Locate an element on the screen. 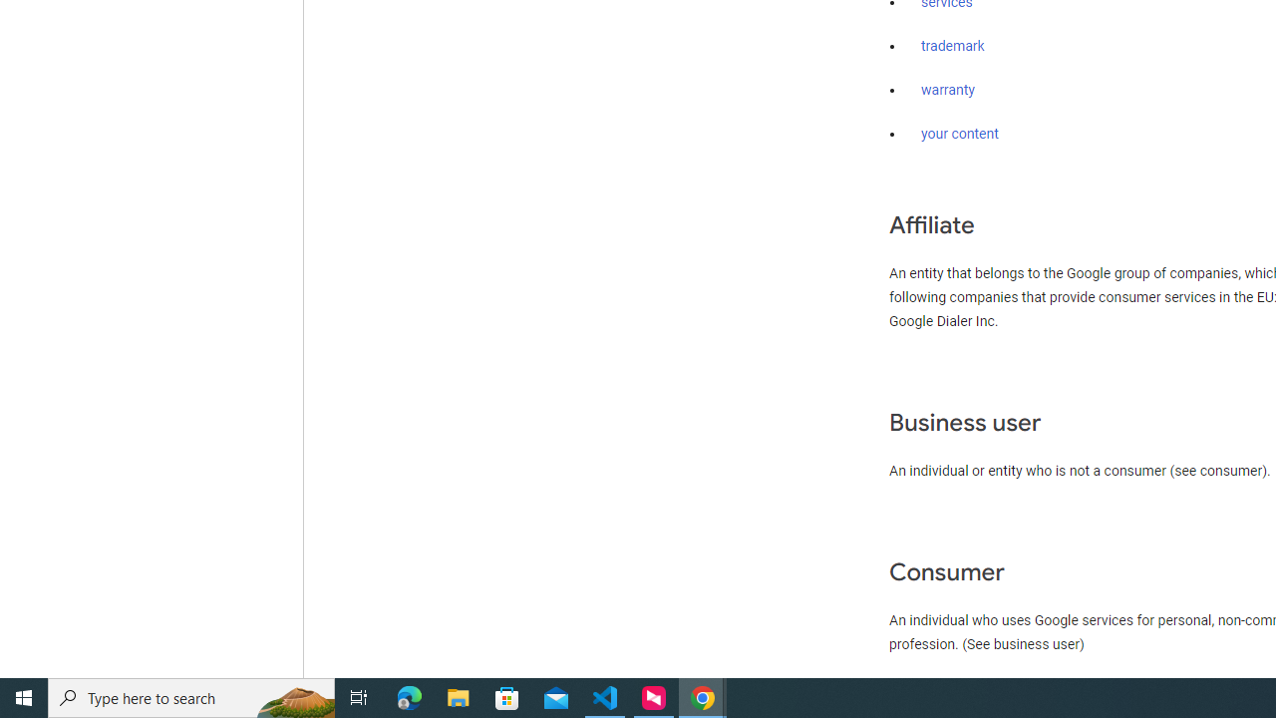 The height and width of the screenshot is (718, 1276). 'warranty' is located at coordinates (947, 91).